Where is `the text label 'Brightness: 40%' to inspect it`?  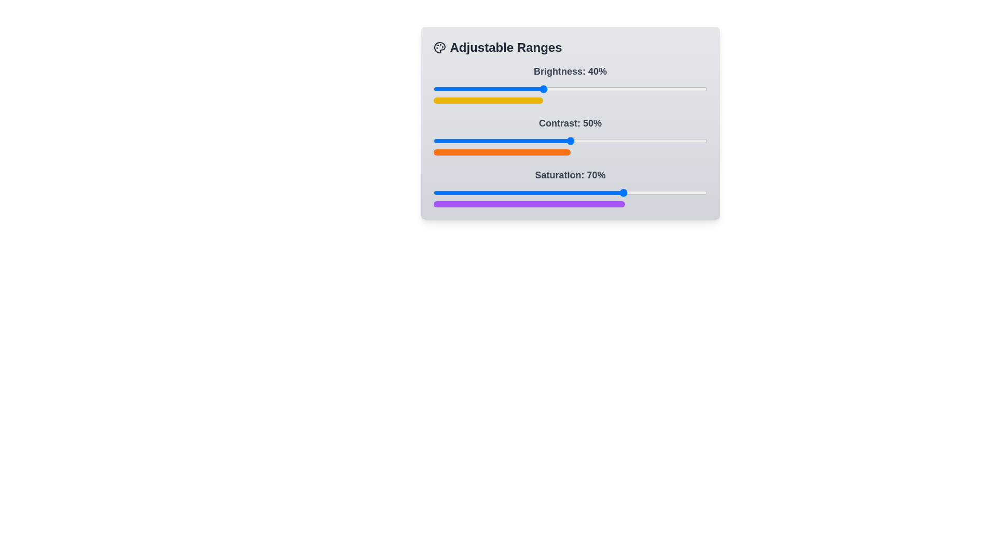 the text label 'Brightness: 40%' to inspect it is located at coordinates (570, 71).